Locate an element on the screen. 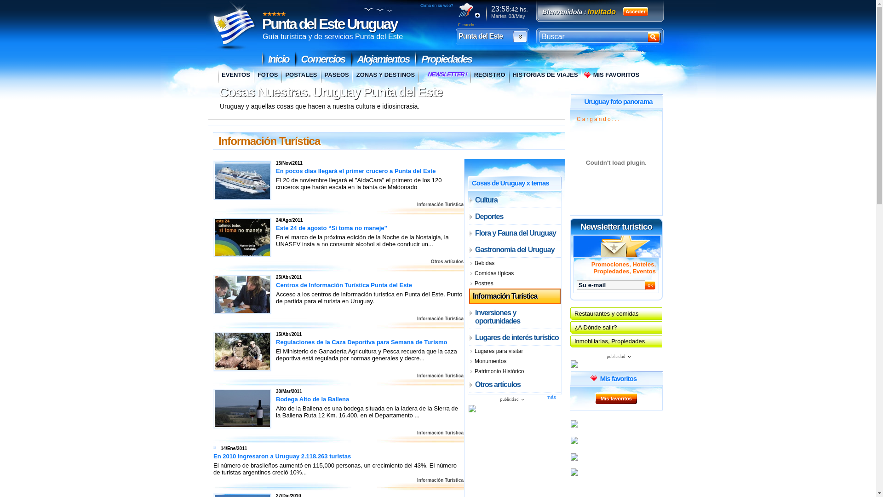 Image resolution: width=883 pixels, height=497 pixels. 'MIS FAVORITOS' is located at coordinates (612, 75).